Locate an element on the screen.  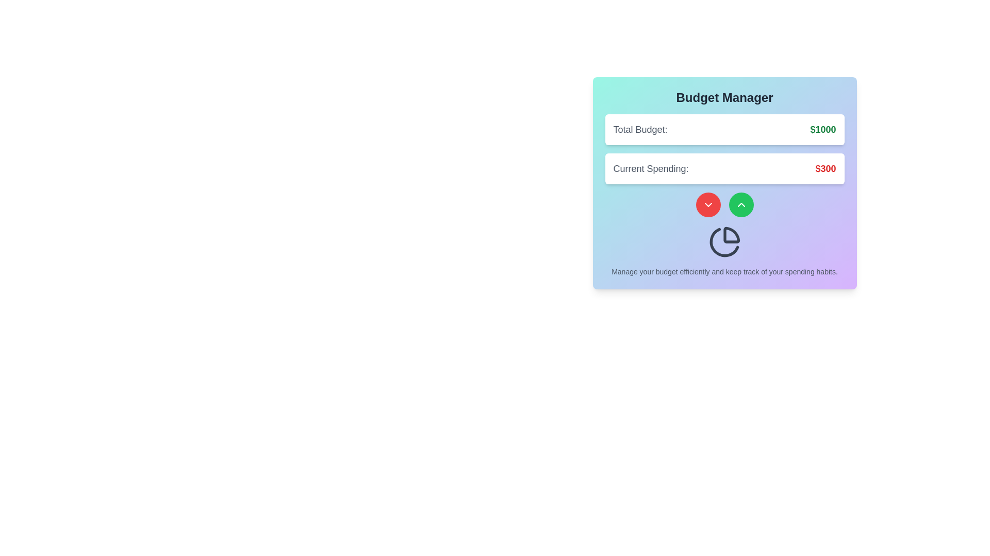
the Information display box that shows the total budget information, positioned within the 'Budget Manager' card, above the 'Current Spending:' section is located at coordinates (724, 129).